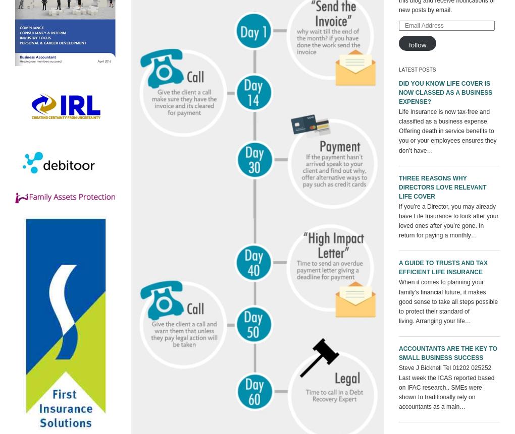  I want to click on 'Steve J Bicknell Tel 01202 025252 Last week the ICAS reported based on IFAC research.. SMEs were shown to traditionally rely on accountants as a main…', so click(446, 387).